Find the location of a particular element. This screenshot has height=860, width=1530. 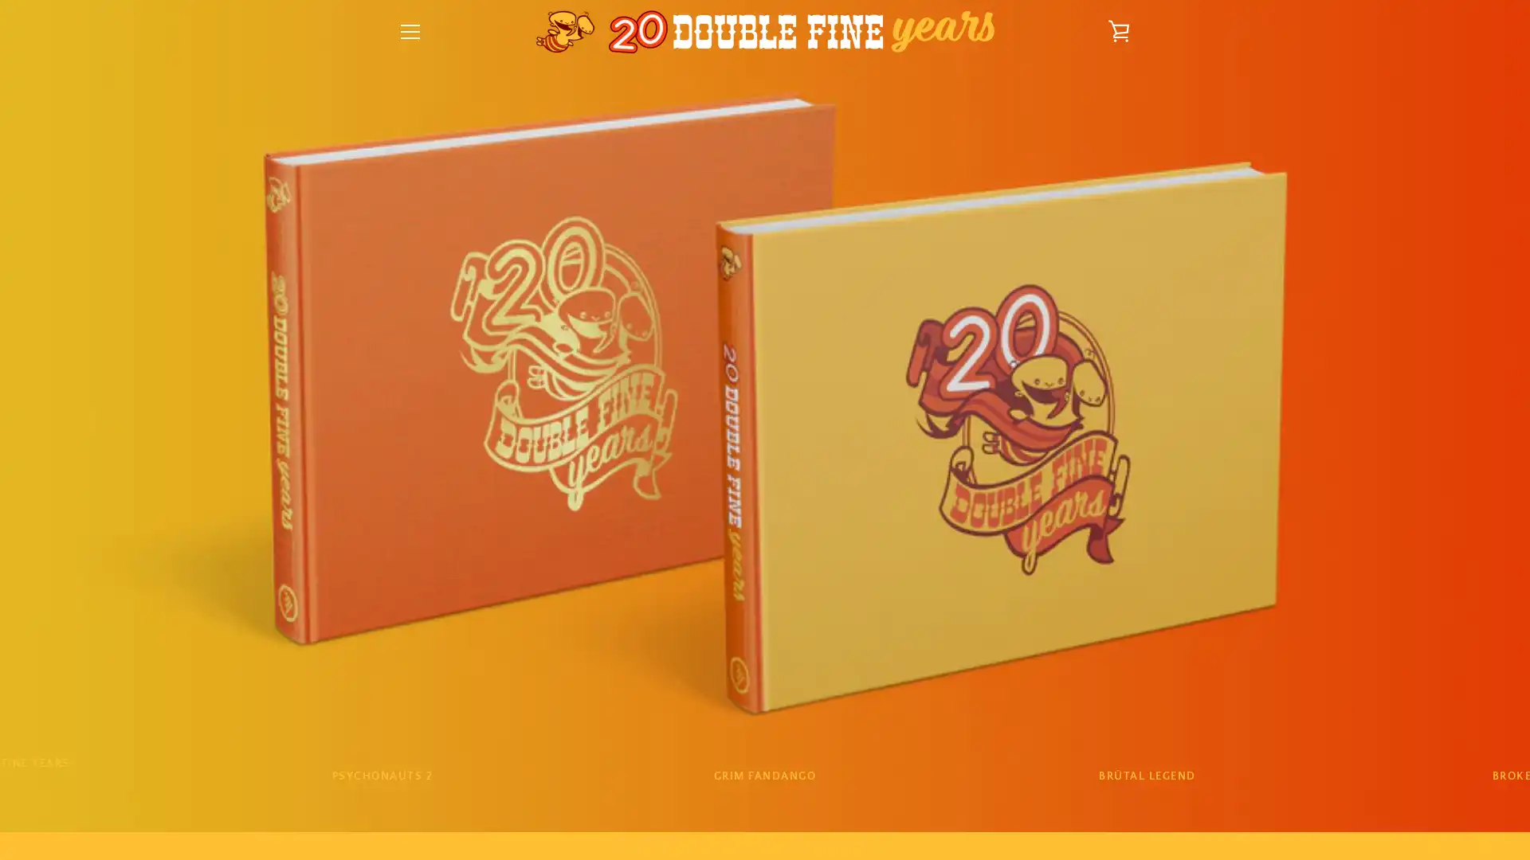

Change shipping country is located at coordinates (765, 545).